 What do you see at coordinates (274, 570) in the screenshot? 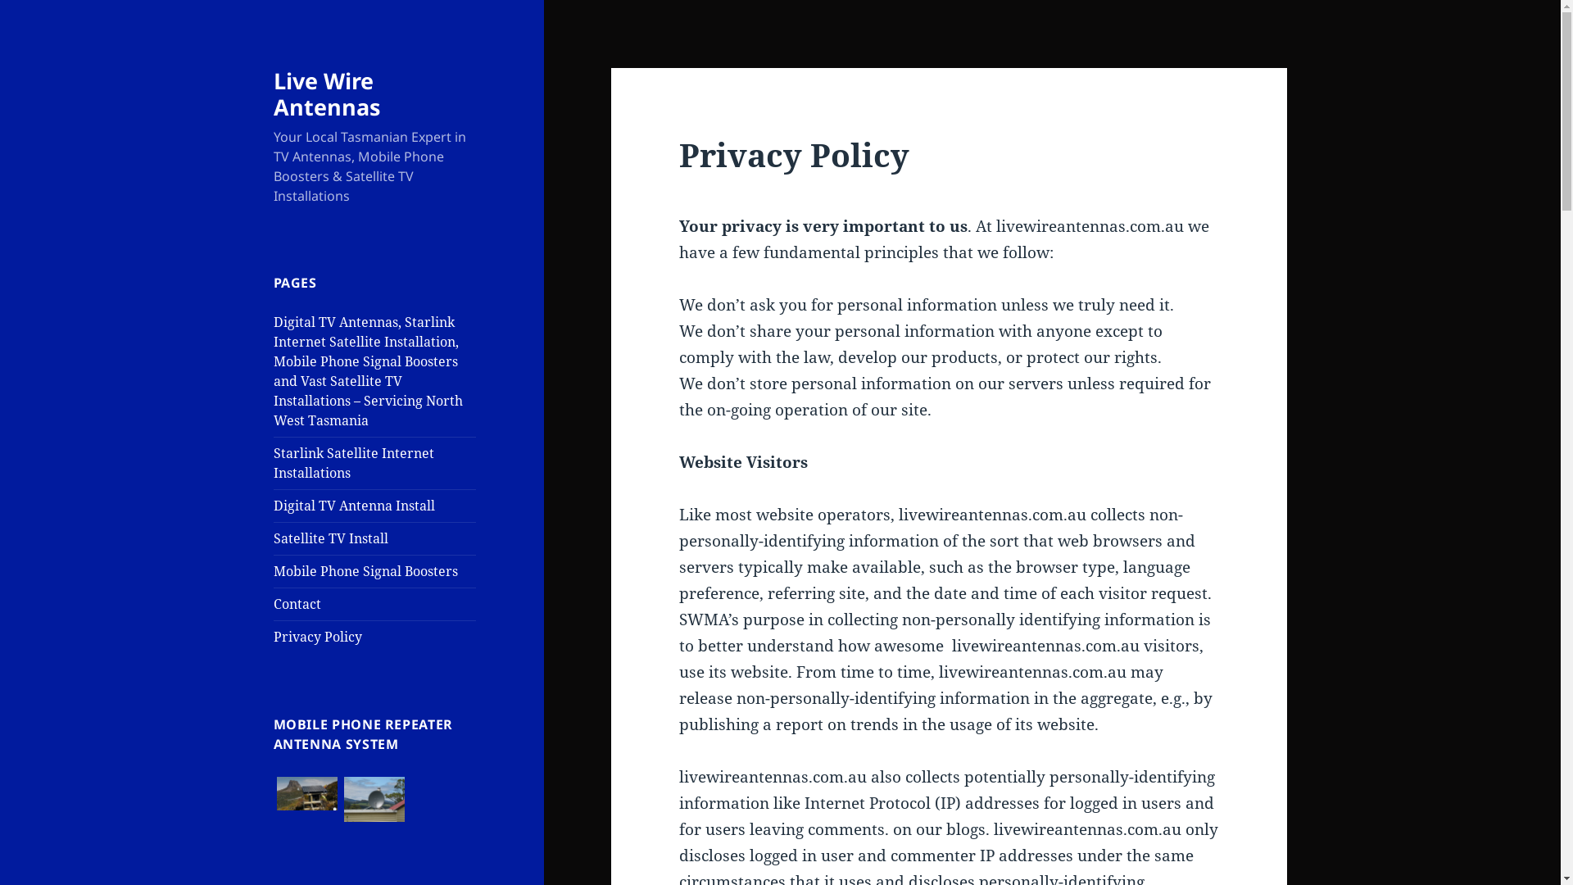
I see `'Mobile Phone Signal Boosters'` at bounding box center [274, 570].